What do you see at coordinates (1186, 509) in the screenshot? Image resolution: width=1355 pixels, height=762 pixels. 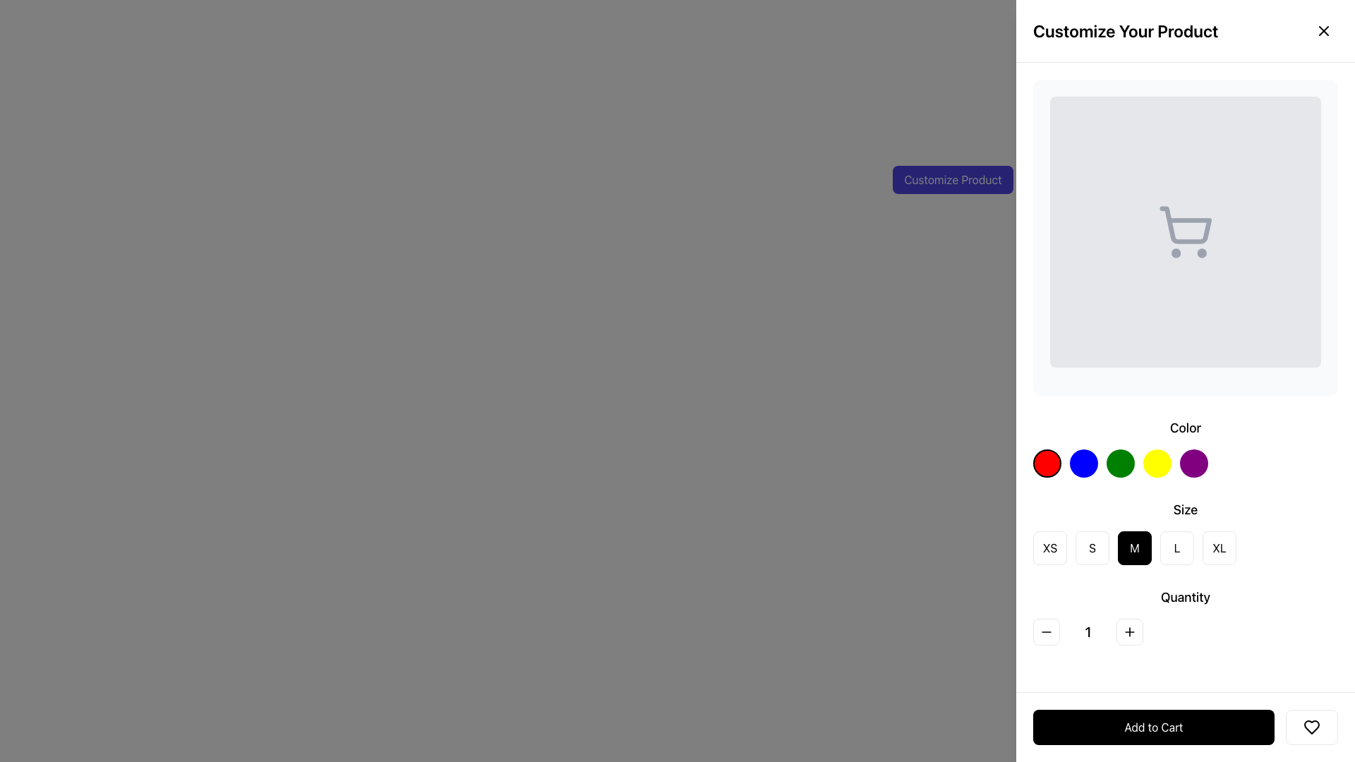 I see `the 'Size' label, which is a bold textual label located above the size selection buttons in the product customization sidebar` at bounding box center [1186, 509].